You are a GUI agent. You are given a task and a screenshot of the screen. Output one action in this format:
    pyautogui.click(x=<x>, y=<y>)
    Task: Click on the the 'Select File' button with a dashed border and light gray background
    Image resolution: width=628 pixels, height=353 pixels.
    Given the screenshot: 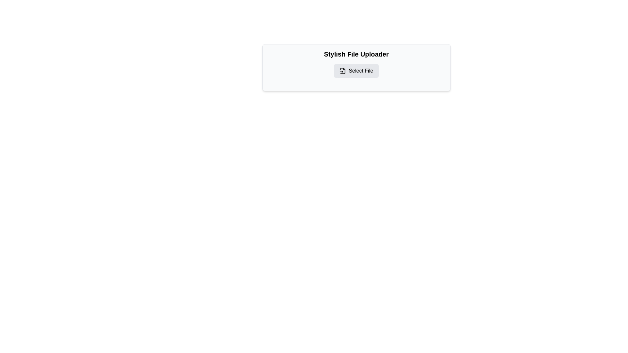 What is the action you would take?
    pyautogui.click(x=356, y=71)
    